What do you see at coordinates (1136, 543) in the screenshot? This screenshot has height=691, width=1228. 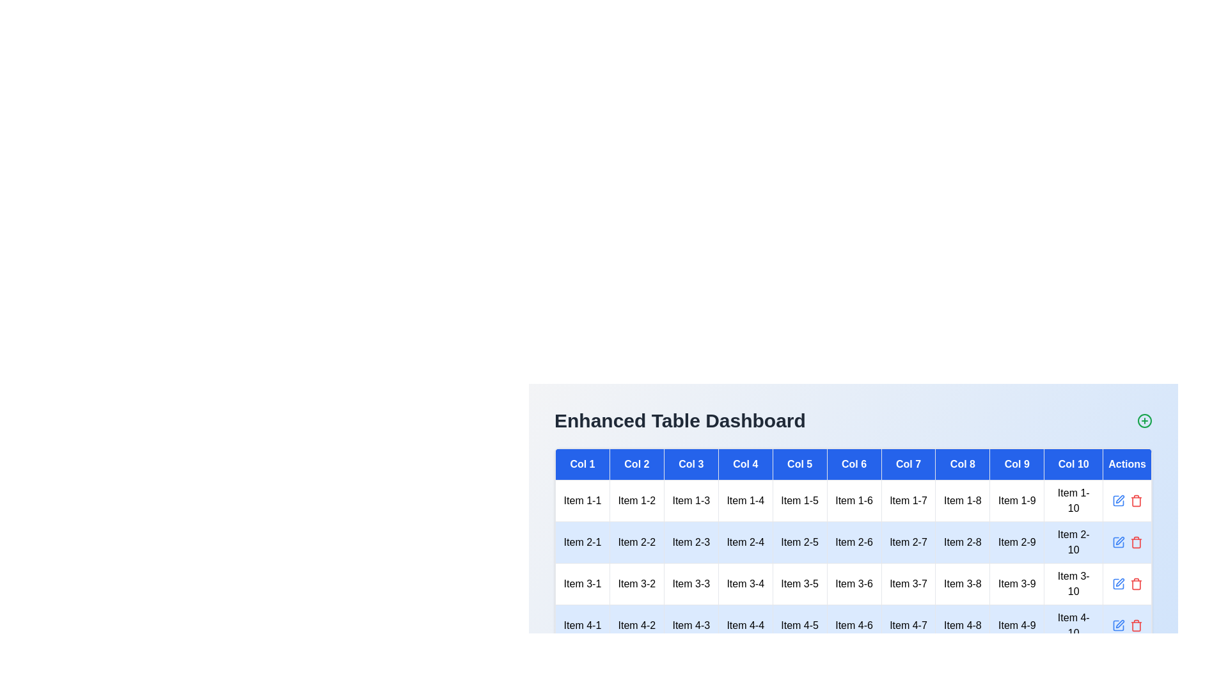 I see `the trash icon for the row labeled Item 2-10` at bounding box center [1136, 543].